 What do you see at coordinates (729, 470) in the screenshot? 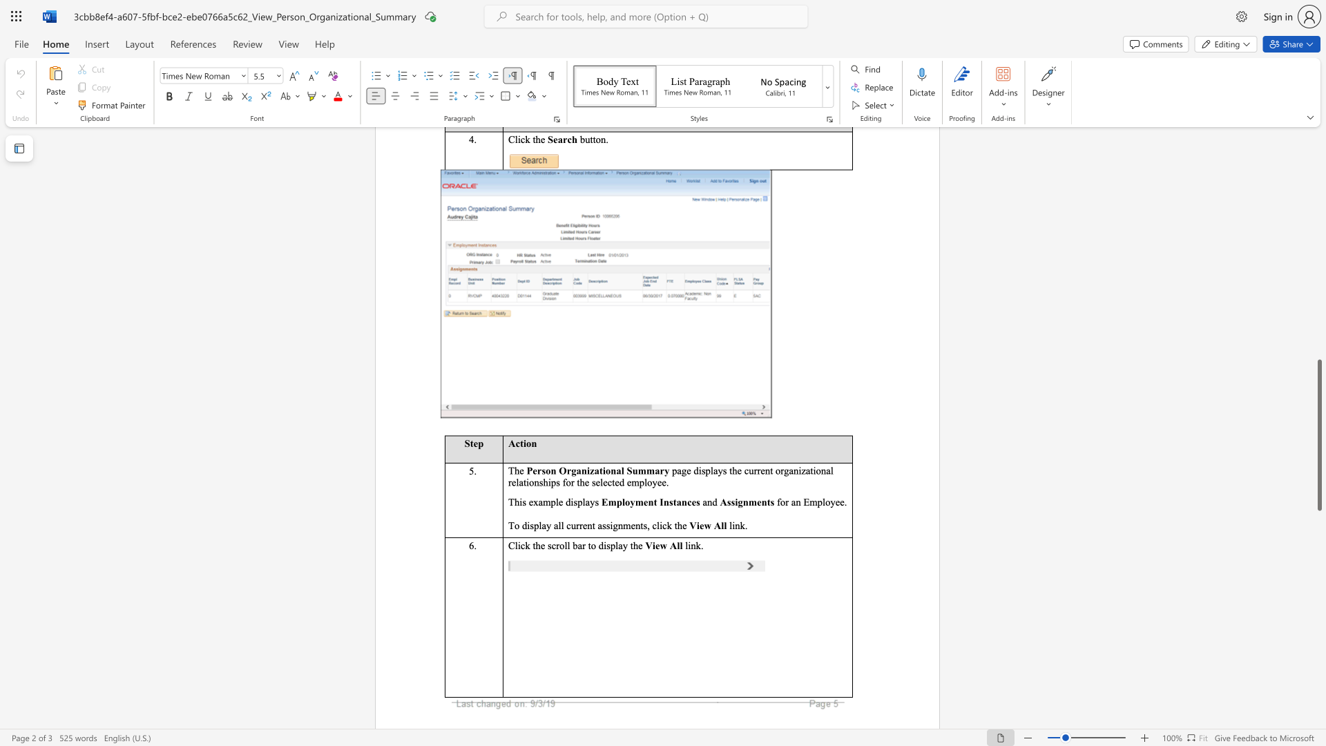
I see `the subset text "the current organizational relat" within the text "page displays the current organizational relationships for the selected employee."` at bounding box center [729, 470].